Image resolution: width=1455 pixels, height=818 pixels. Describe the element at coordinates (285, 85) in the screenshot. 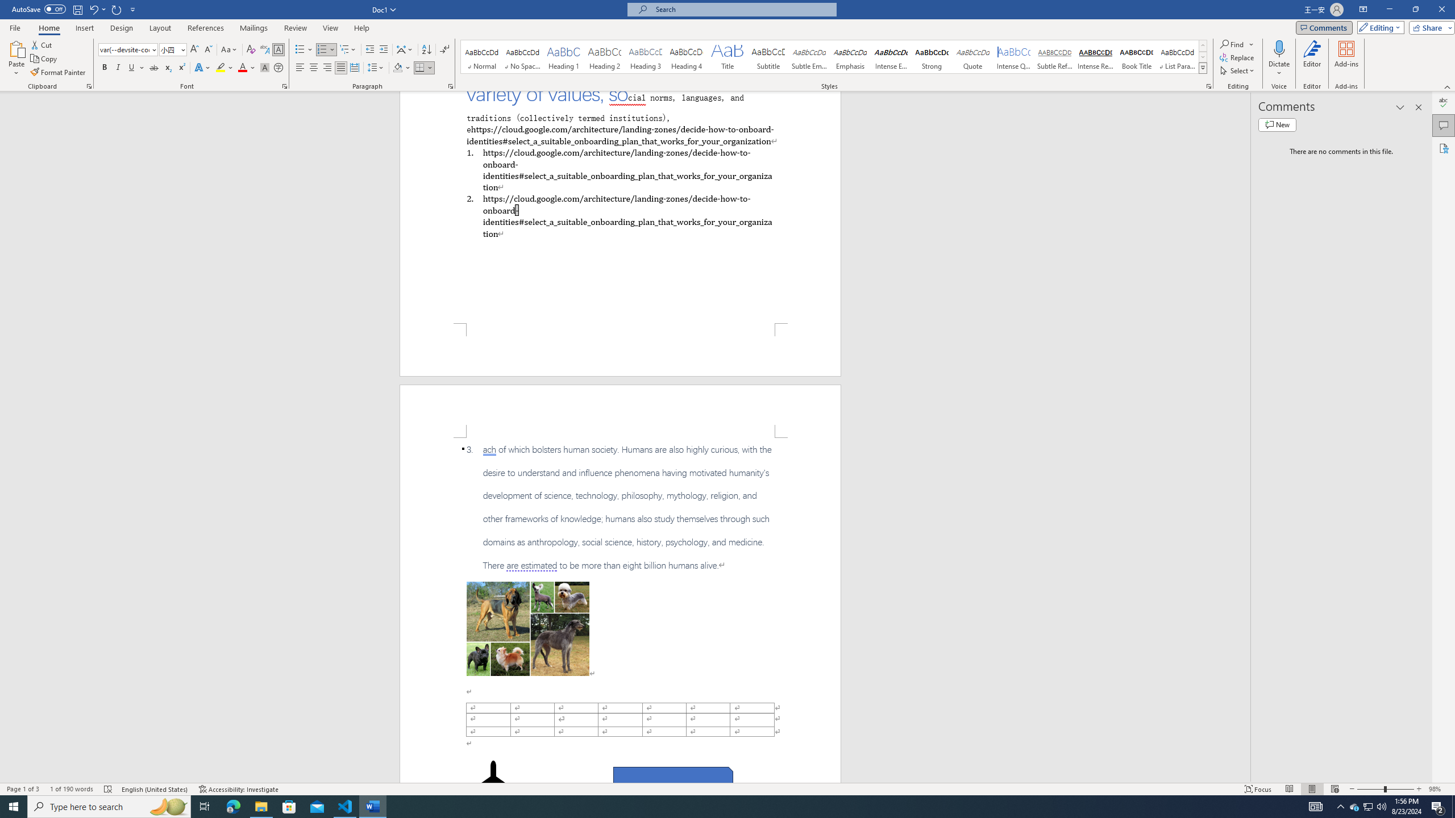

I see `'Font...'` at that location.